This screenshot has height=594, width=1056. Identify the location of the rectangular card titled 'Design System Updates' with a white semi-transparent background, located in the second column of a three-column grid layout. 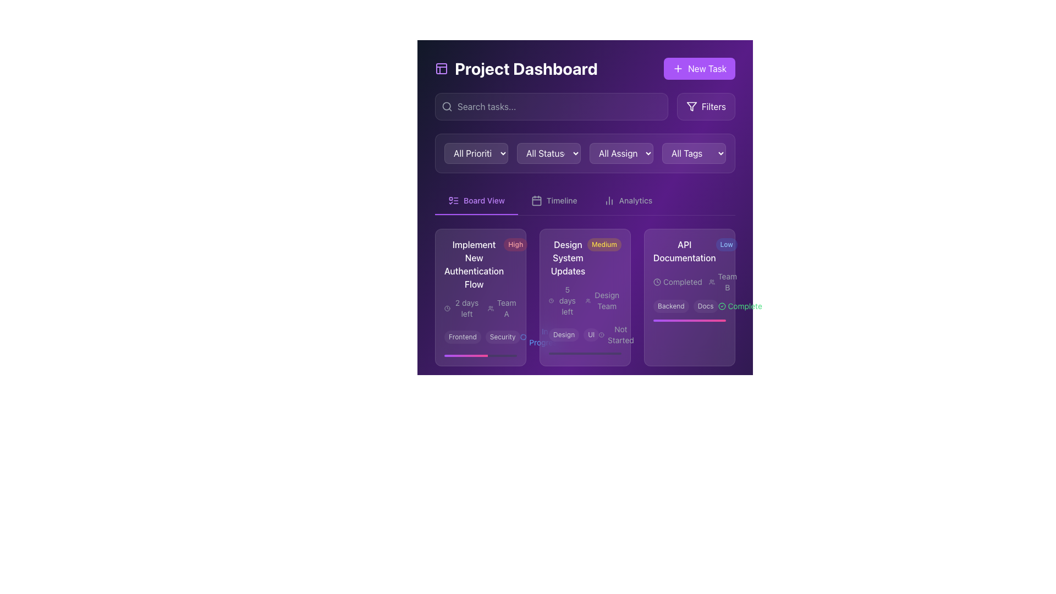
(585, 297).